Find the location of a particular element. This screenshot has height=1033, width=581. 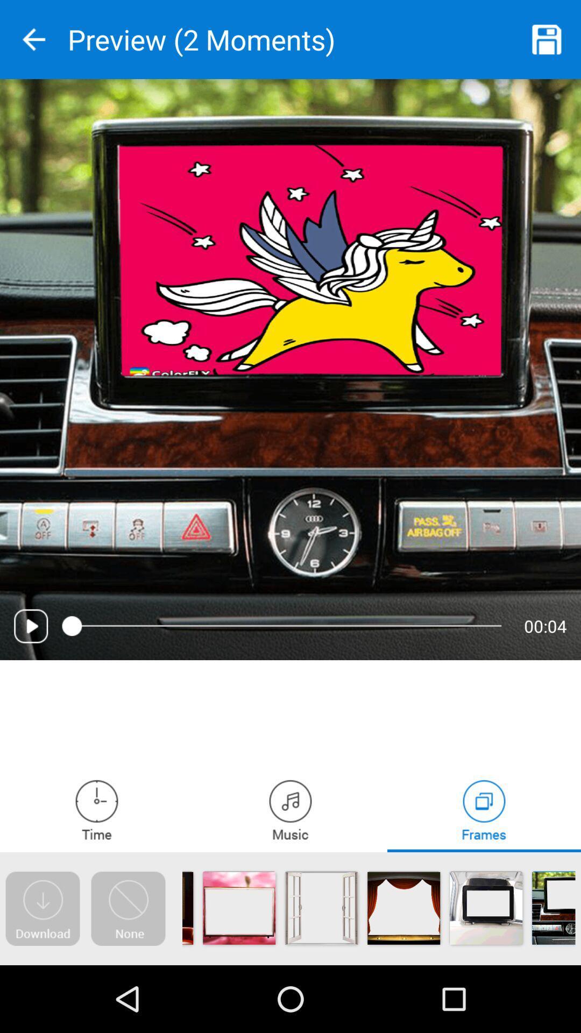

save is located at coordinates (547, 39).